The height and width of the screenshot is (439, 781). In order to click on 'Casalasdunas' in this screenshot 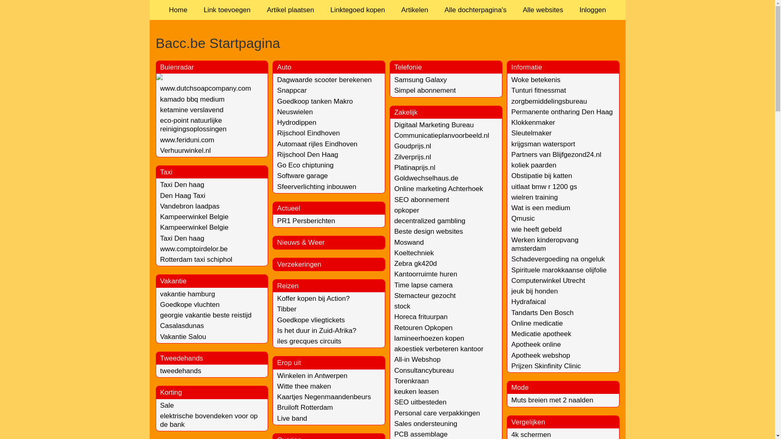, I will do `click(181, 325)`.